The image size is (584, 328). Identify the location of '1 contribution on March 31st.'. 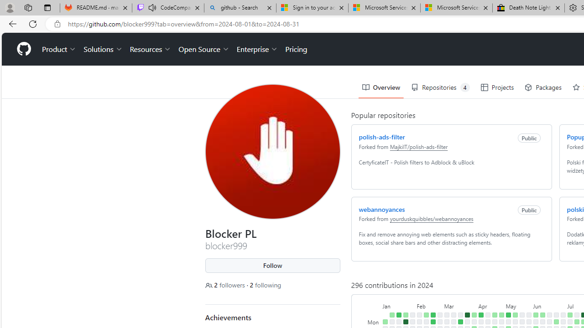
(474, 314).